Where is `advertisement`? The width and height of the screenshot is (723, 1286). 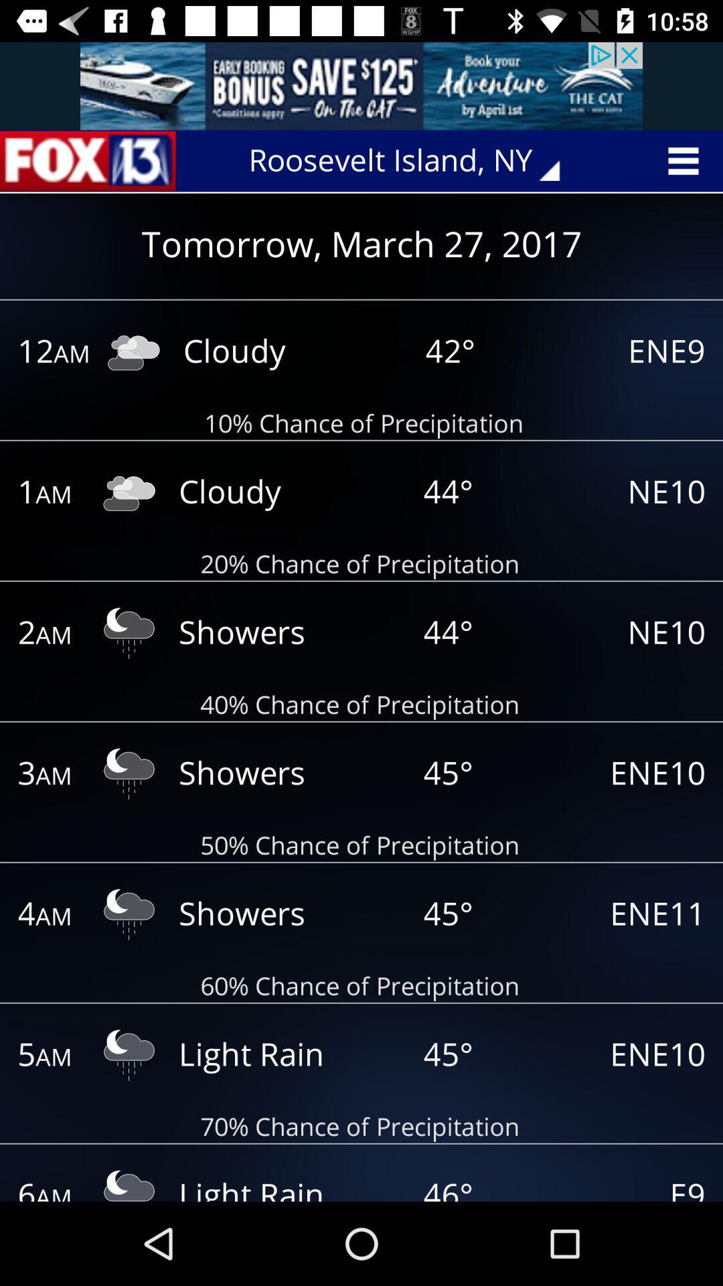 advertisement is located at coordinates (361, 85).